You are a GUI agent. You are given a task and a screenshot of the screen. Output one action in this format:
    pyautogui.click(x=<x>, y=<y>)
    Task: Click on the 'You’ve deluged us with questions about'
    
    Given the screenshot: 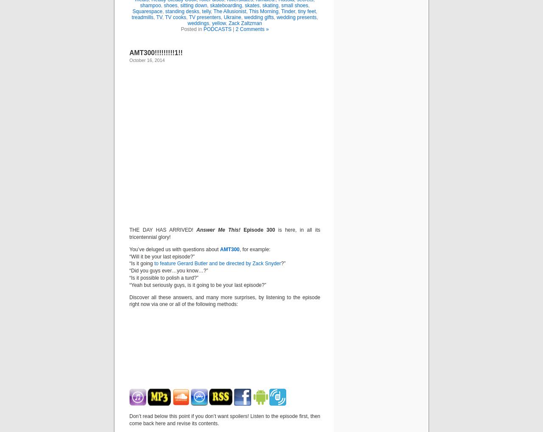 What is the action you would take?
    pyautogui.click(x=129, y=249)
    